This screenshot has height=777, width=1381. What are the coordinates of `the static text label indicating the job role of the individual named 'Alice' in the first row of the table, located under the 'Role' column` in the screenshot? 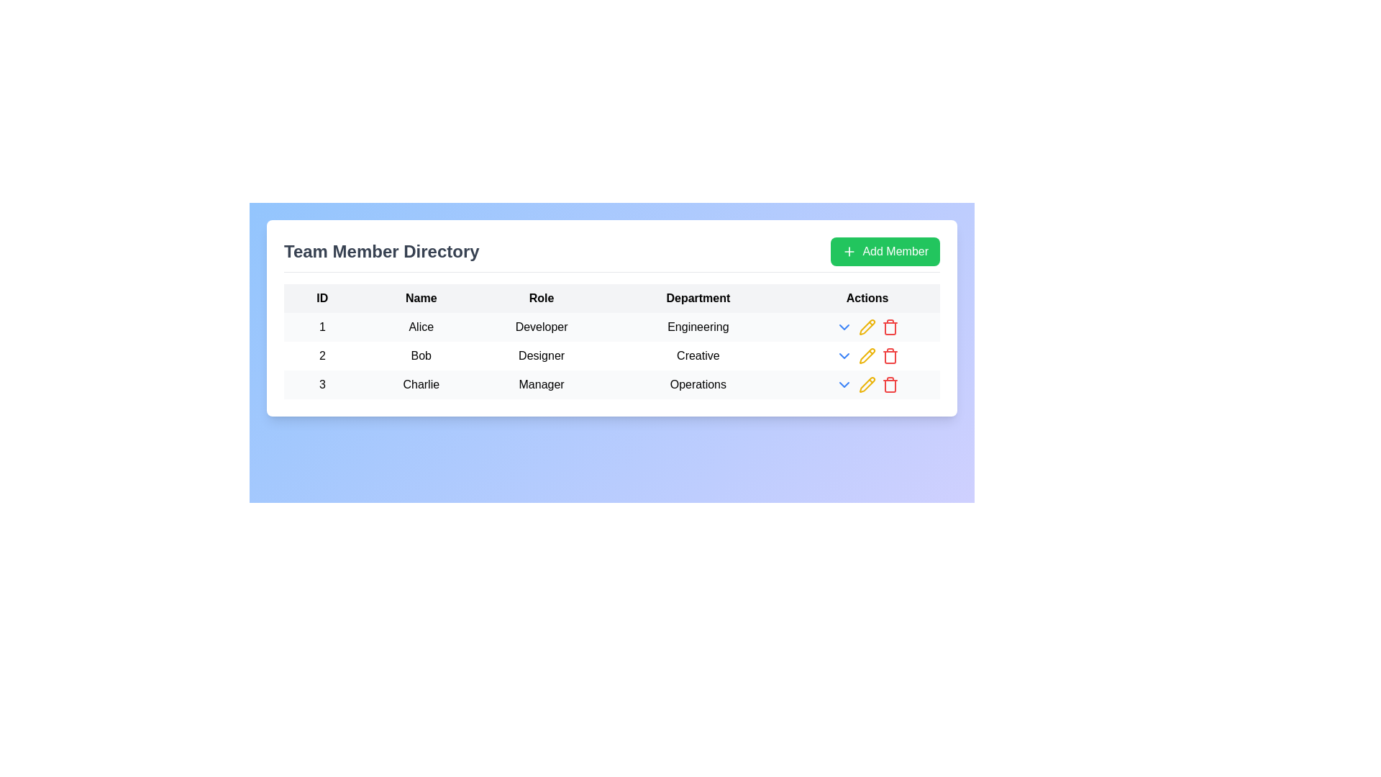 It's located at (541, 327).